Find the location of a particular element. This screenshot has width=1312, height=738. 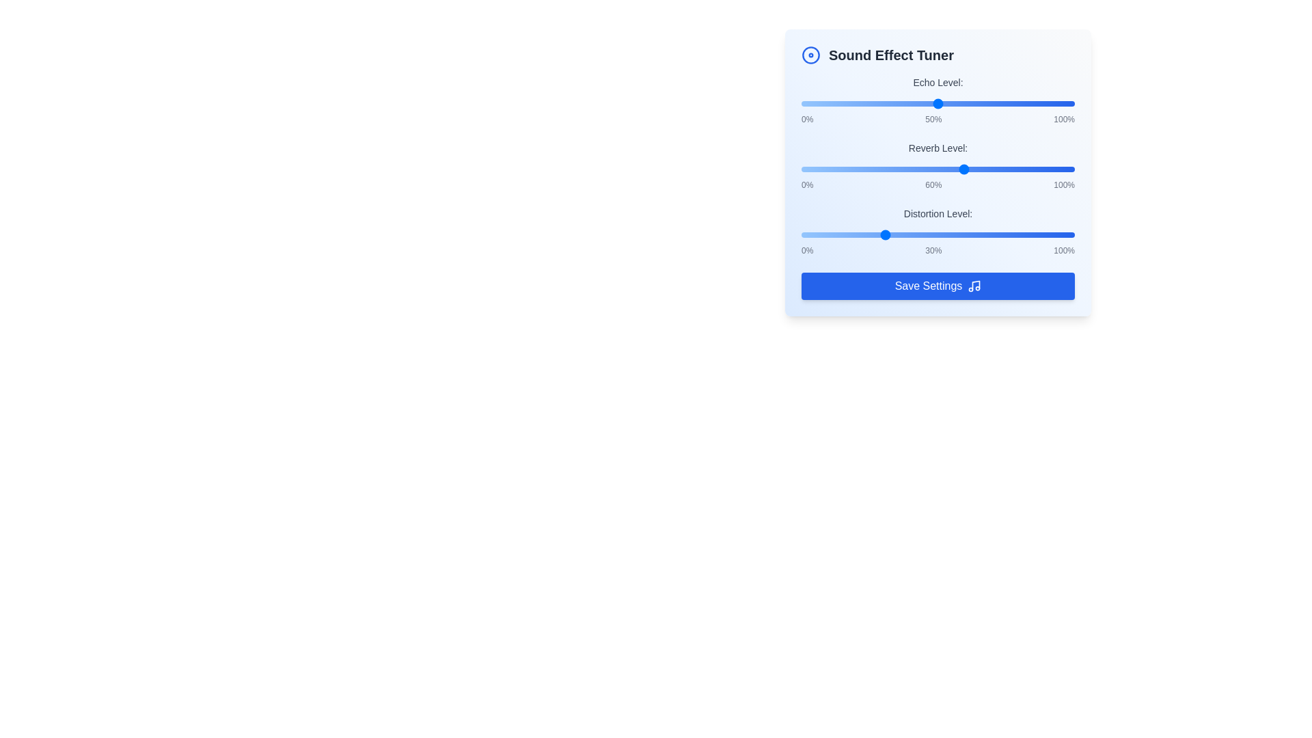

the 'Save Settings' button to save the current sound effect settings is located at coordinates (937, 286).